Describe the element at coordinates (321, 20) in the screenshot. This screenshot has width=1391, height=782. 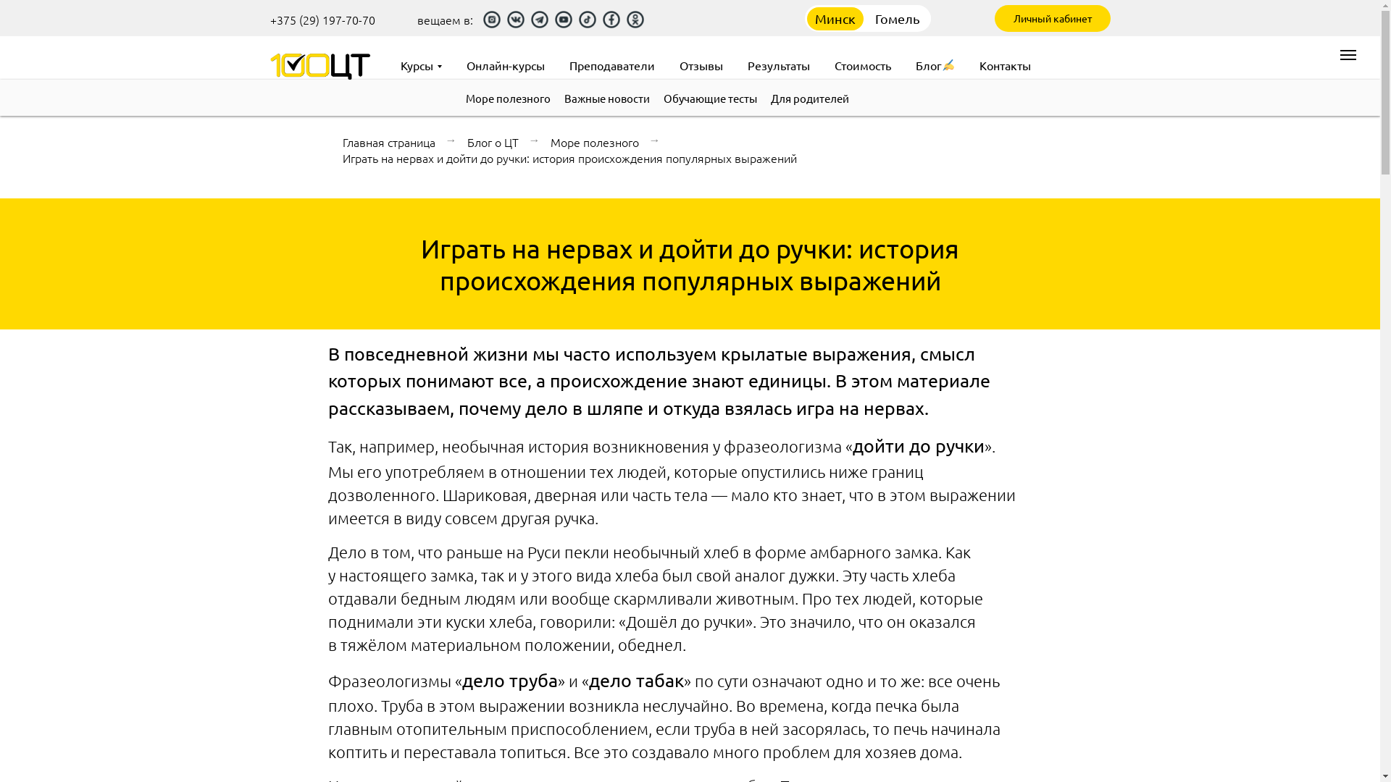
I see `'+375 (29) 197-70-70'` at that location.